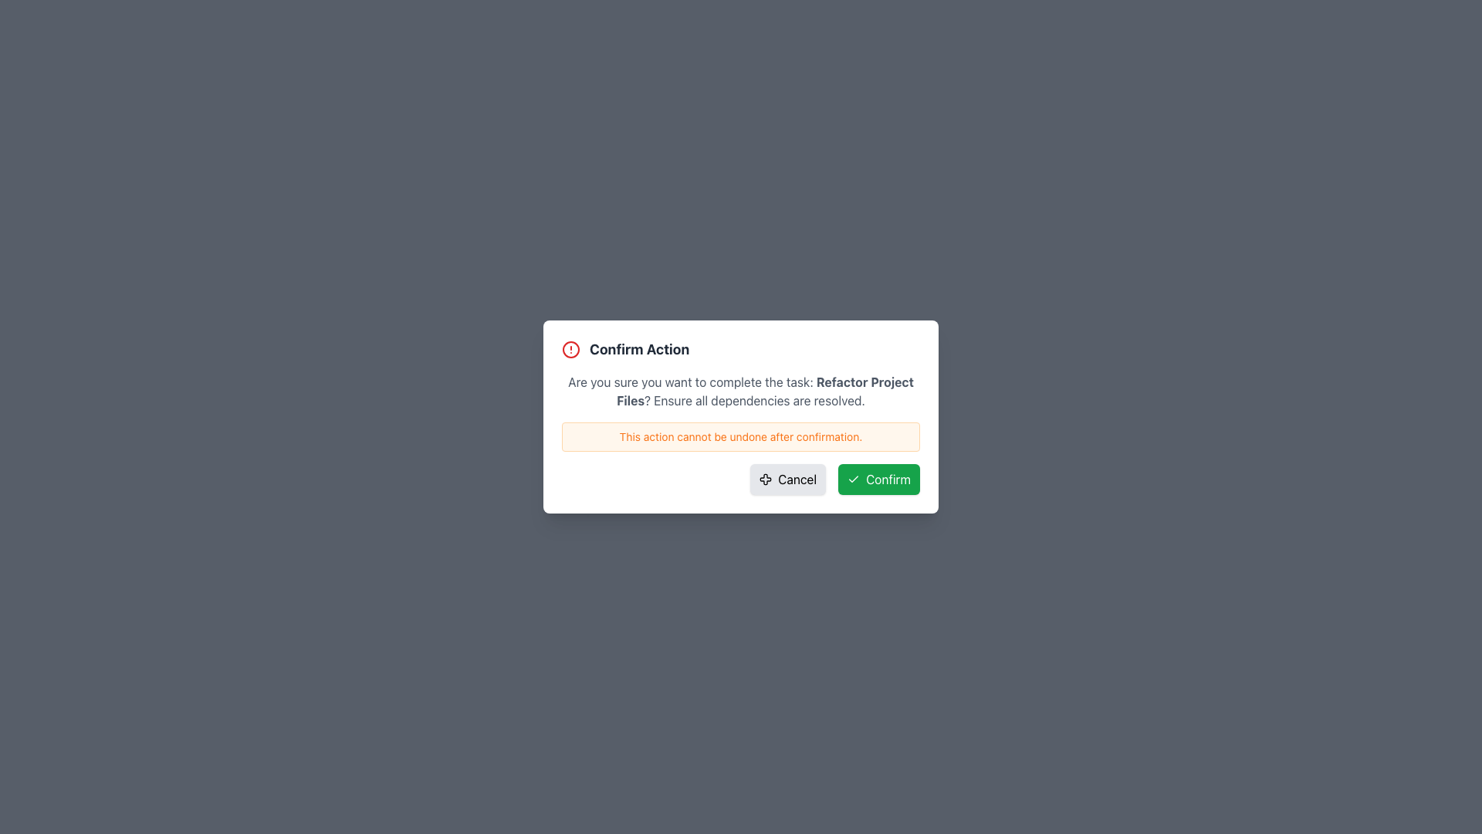 Image resolution: width=1482 pixels, height=834 pixels. What do you see at coordinates (639, 349) in the screenshot?
I see `the title text element of the confirmation dialog, which is located near the top-left section and aligned to the right of a red circular alert icon` at bounding box center [639, 349].